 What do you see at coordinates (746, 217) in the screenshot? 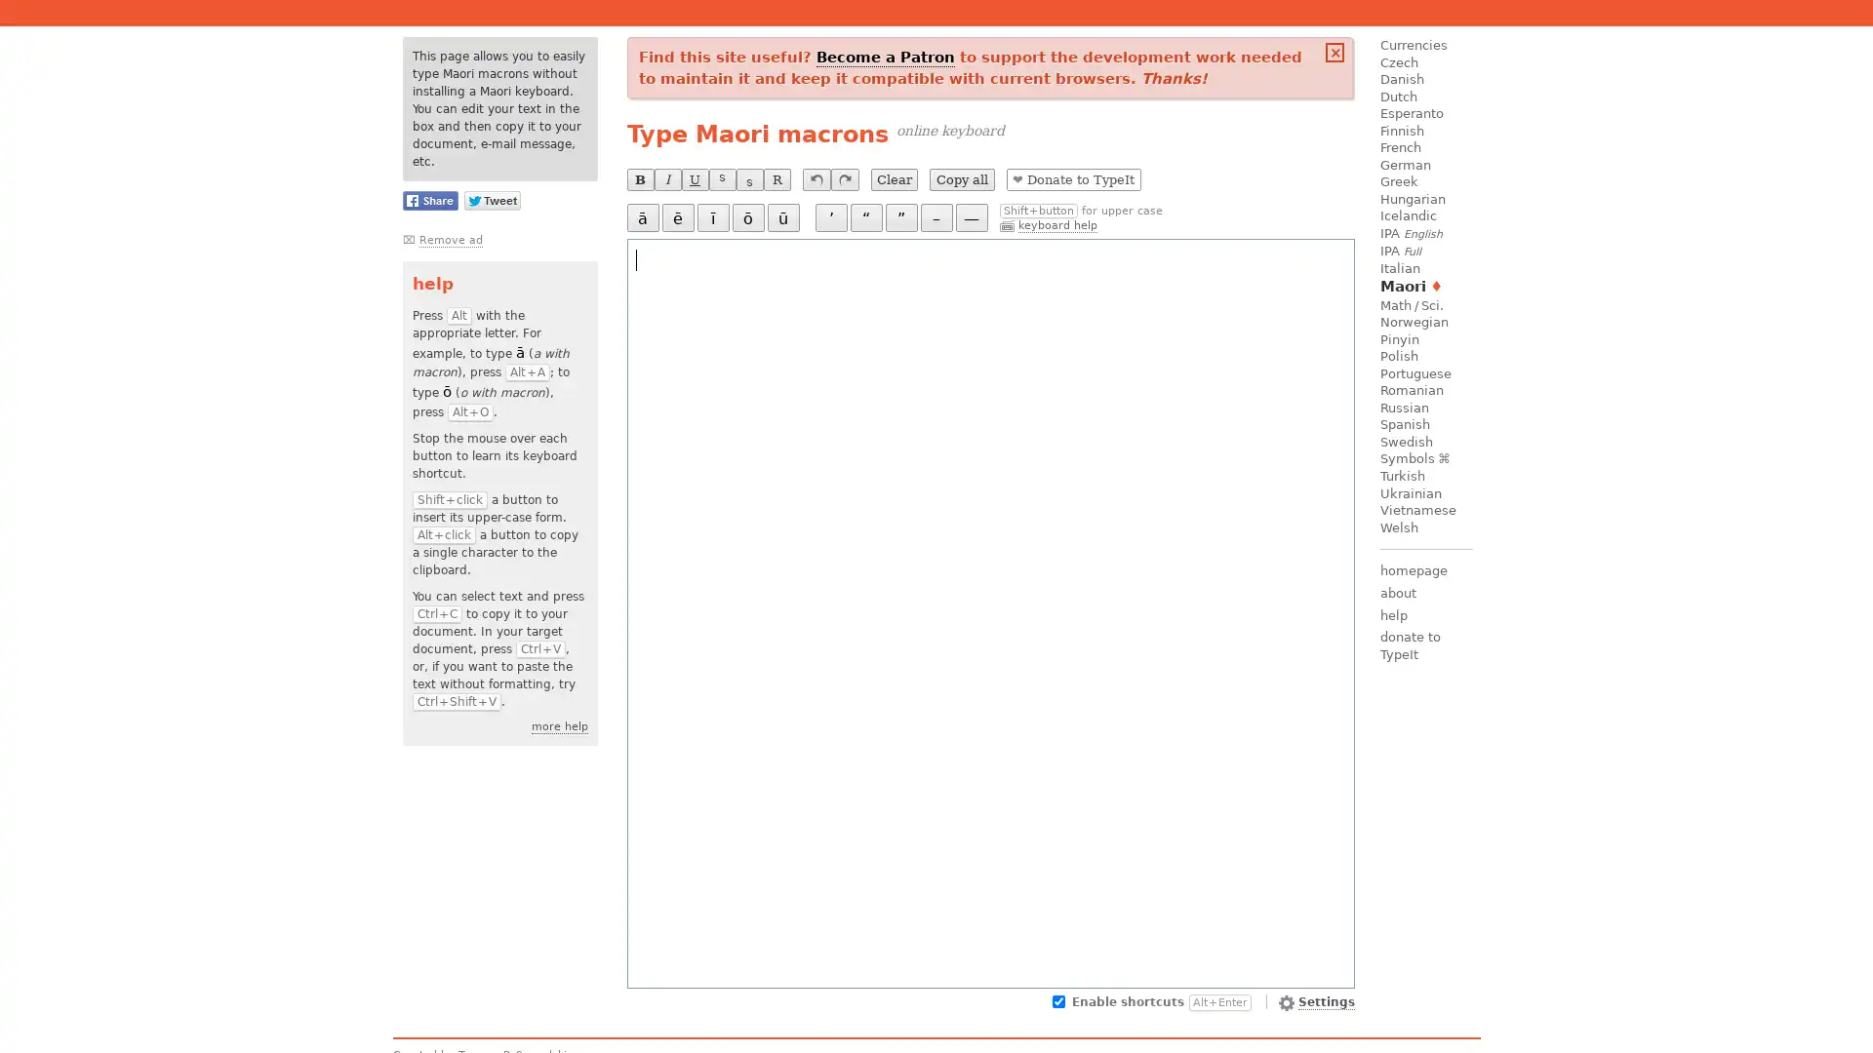
I see `o` at bounding box center [746, 217].